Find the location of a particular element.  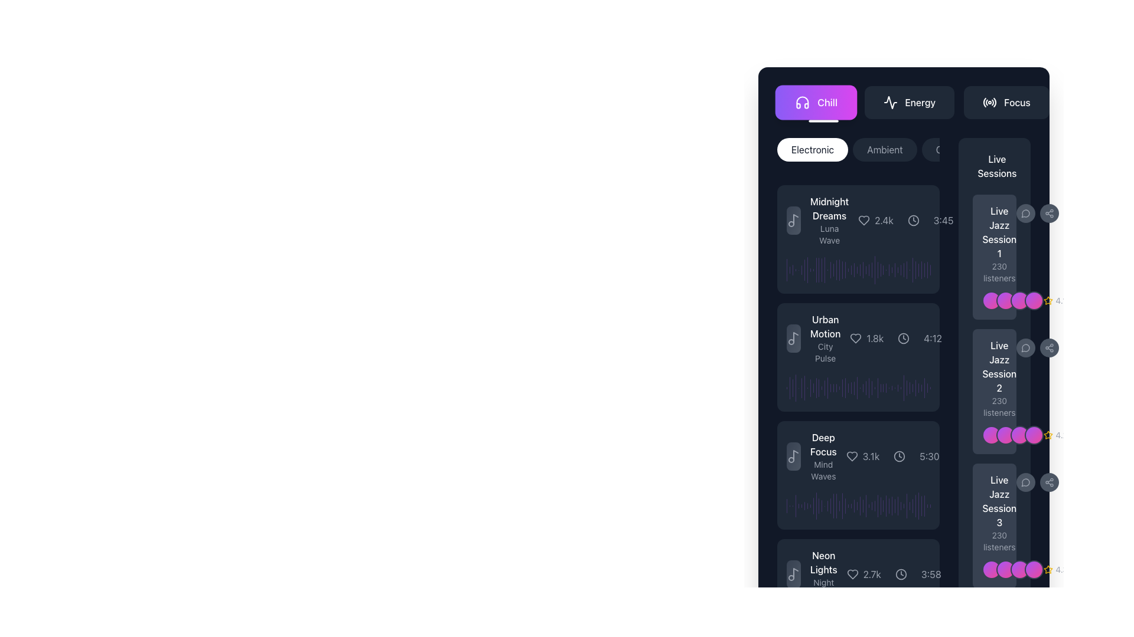

the twentieth graphical indicator in the horizontal sequence of bars in the lower portion of the middle-right section of the interface is located at coordinates (842, 270).